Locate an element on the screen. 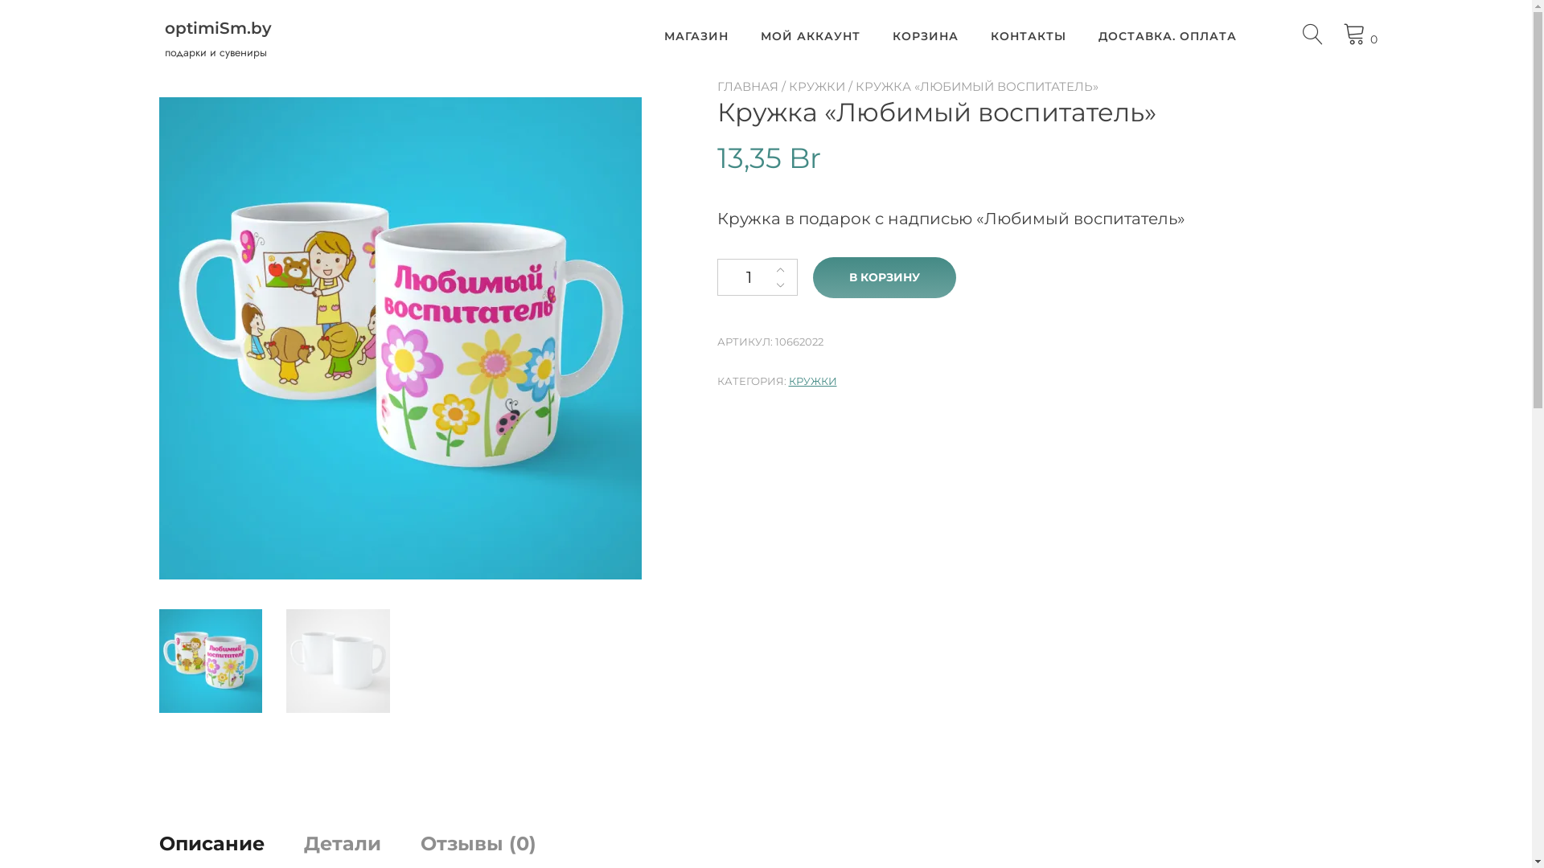 Image resolution: width=1544 pixels, height=868 pixels. '0' is located at coordinates (1360, 34).